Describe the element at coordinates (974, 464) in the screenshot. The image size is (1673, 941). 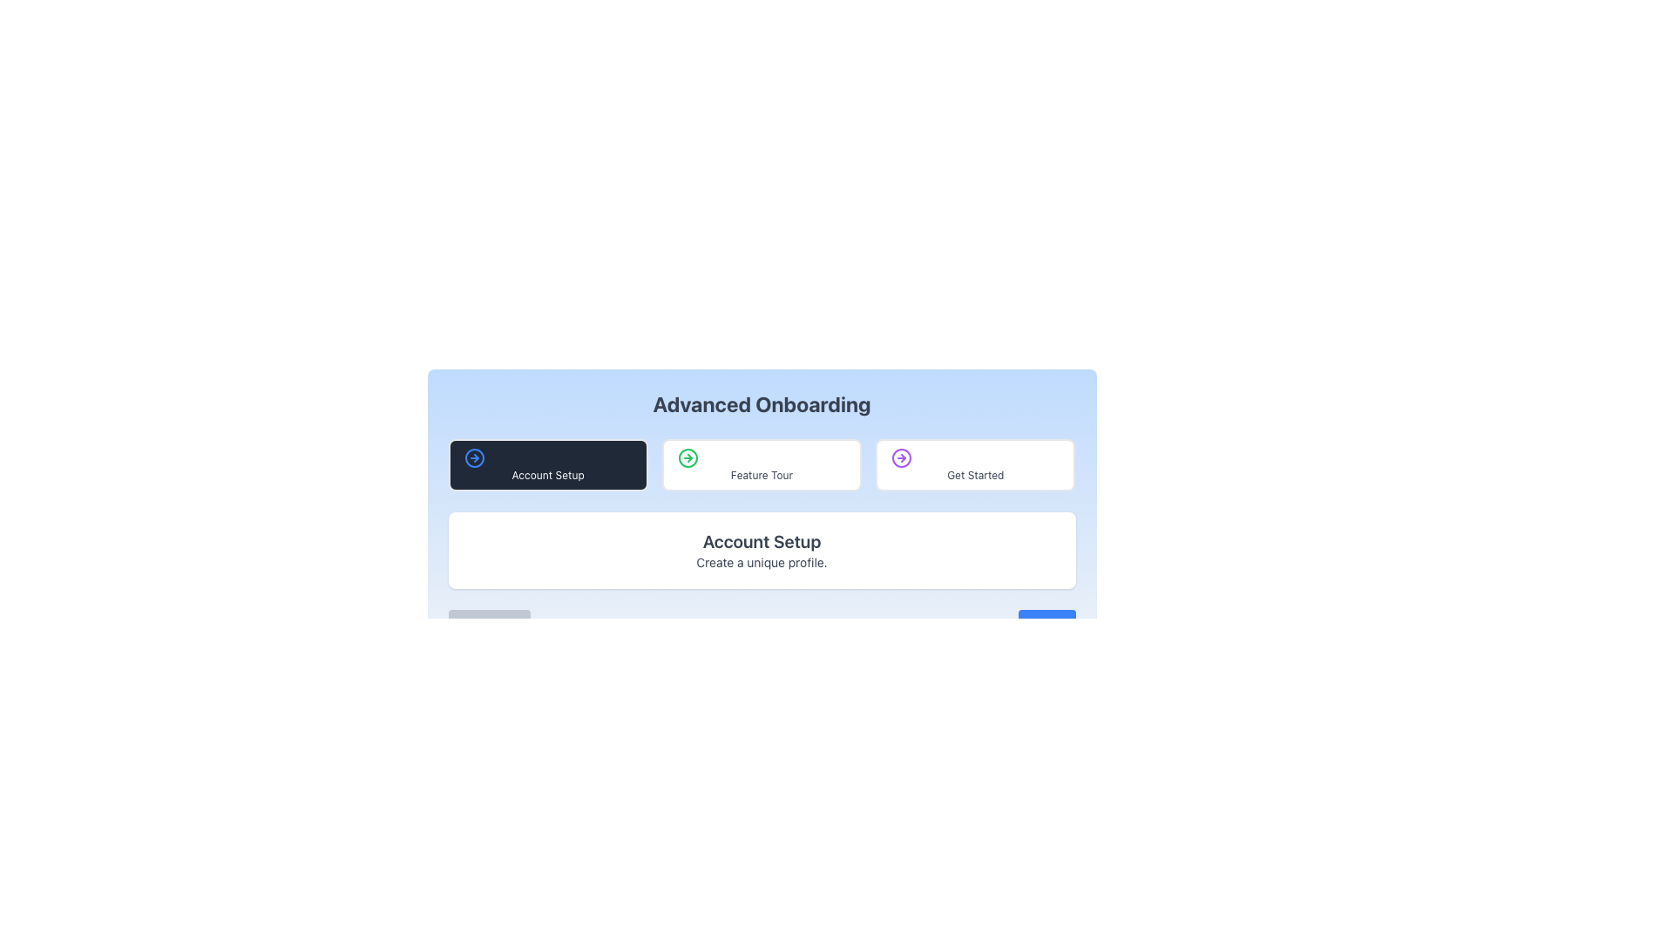
I see `the 'Get Started' button located at the top-right of the interface` at that location.